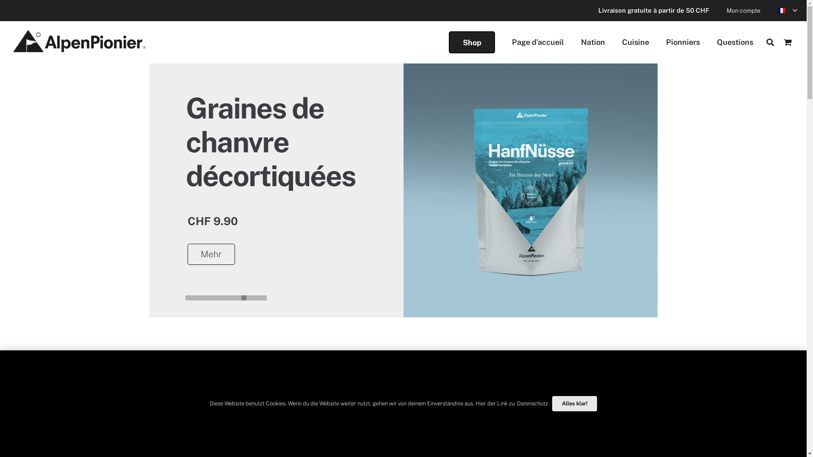 Image resolution: width=813 pixels, height=457 pixels. I want to click on 'Alles klar!', so click(575, 403).